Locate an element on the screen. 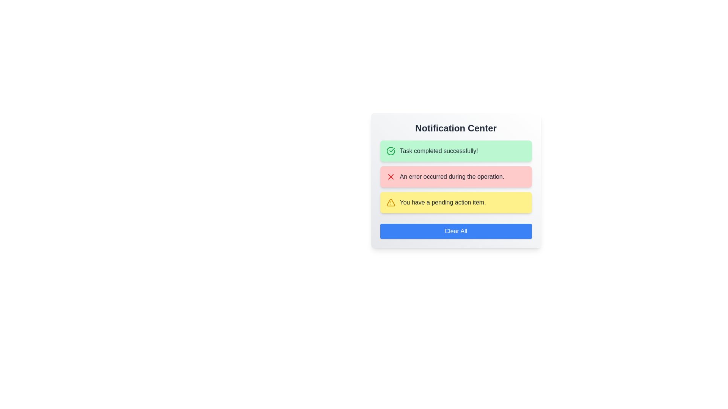  the warning icon located to the left of the text 'You have a pending action item.' inside a yellow notification card in the Notification Center is located at coordinates (391, 202).